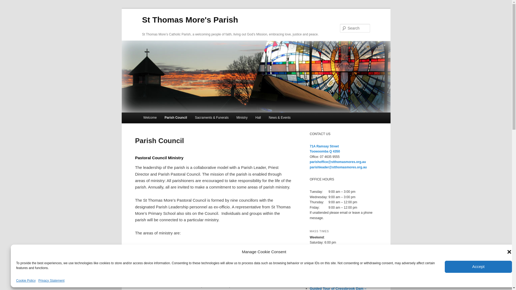 The image size is (516, 290). I want to click on 'Search', so click(9, 3).